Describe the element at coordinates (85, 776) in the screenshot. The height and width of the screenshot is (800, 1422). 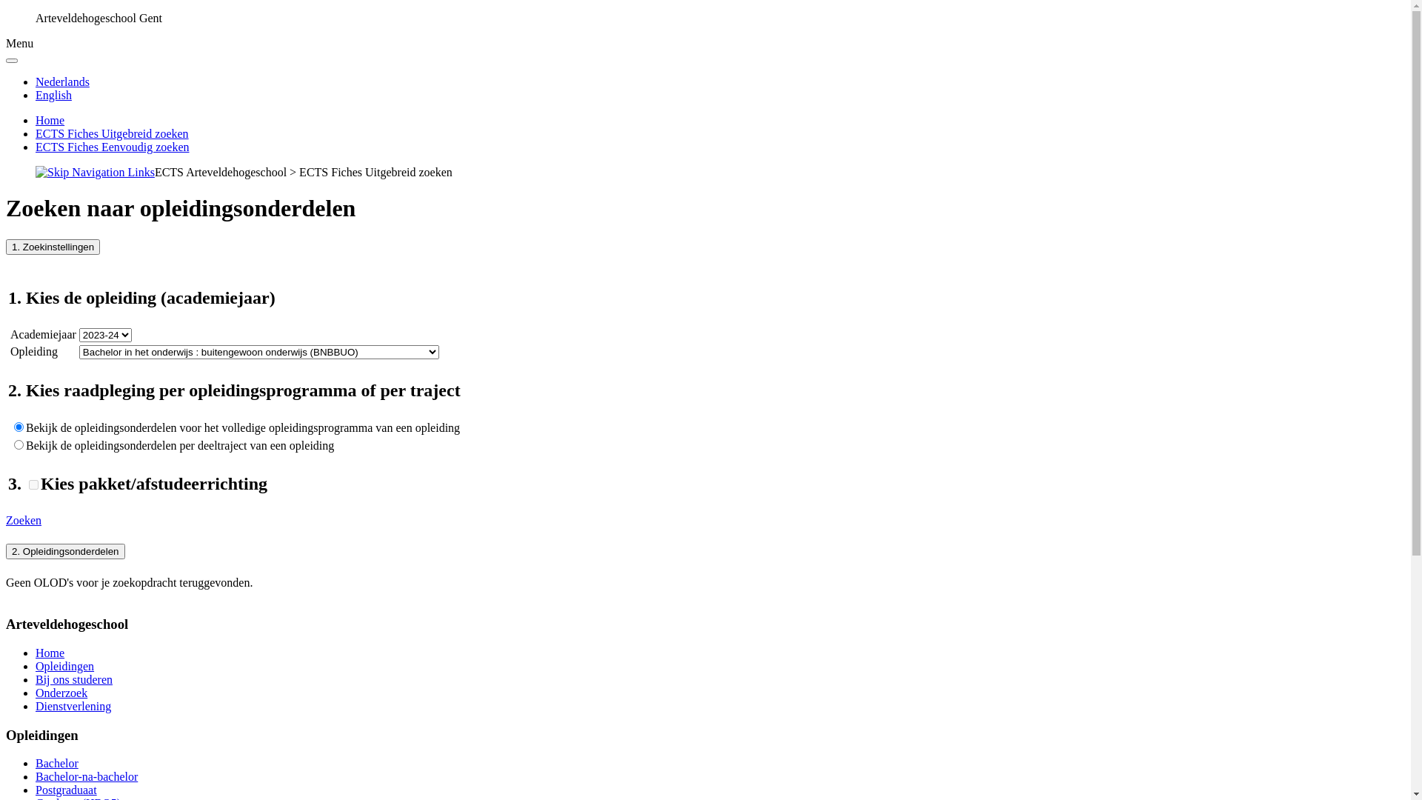
I see `'Bachelor-na-bachelor'` at that location.